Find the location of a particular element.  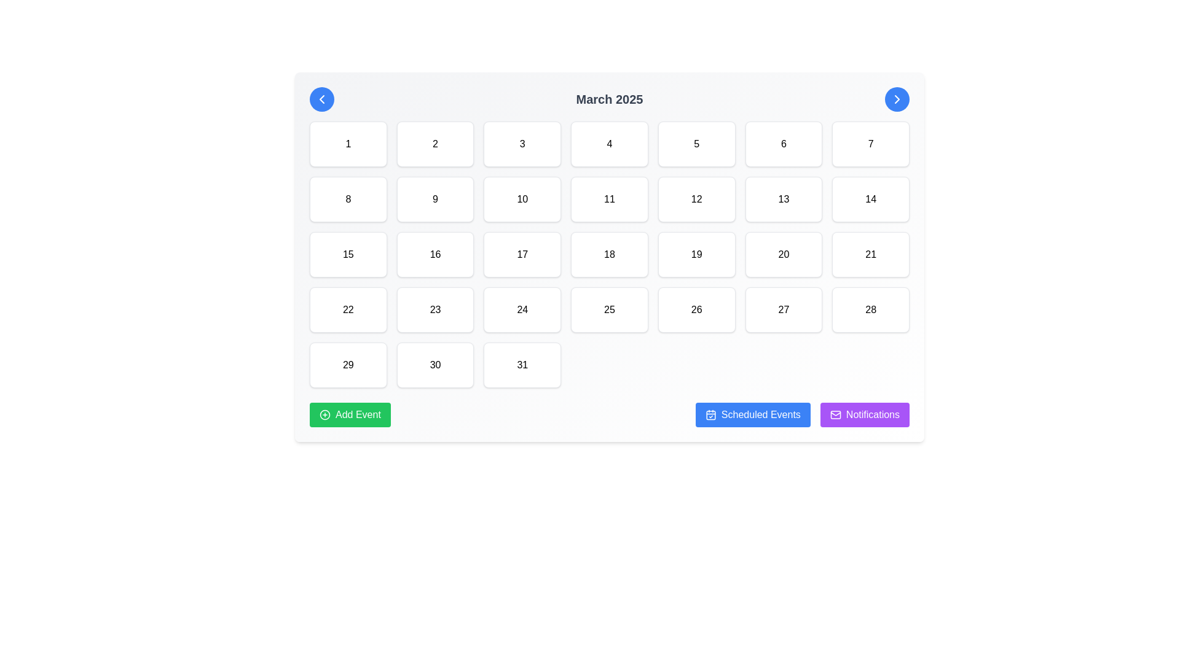

the purple rectangular button labeled 'Notifications' with a mail icon is located at coordinates (864, 414).